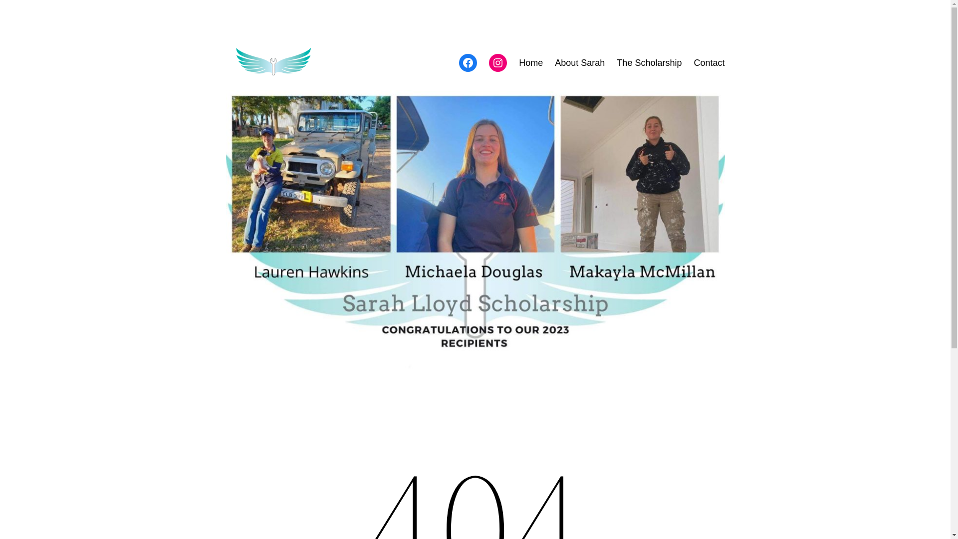  What do you see at coordinates (467, 63) in the screenshot?
I see `'Facebook'` at bounding box center [467, 63].